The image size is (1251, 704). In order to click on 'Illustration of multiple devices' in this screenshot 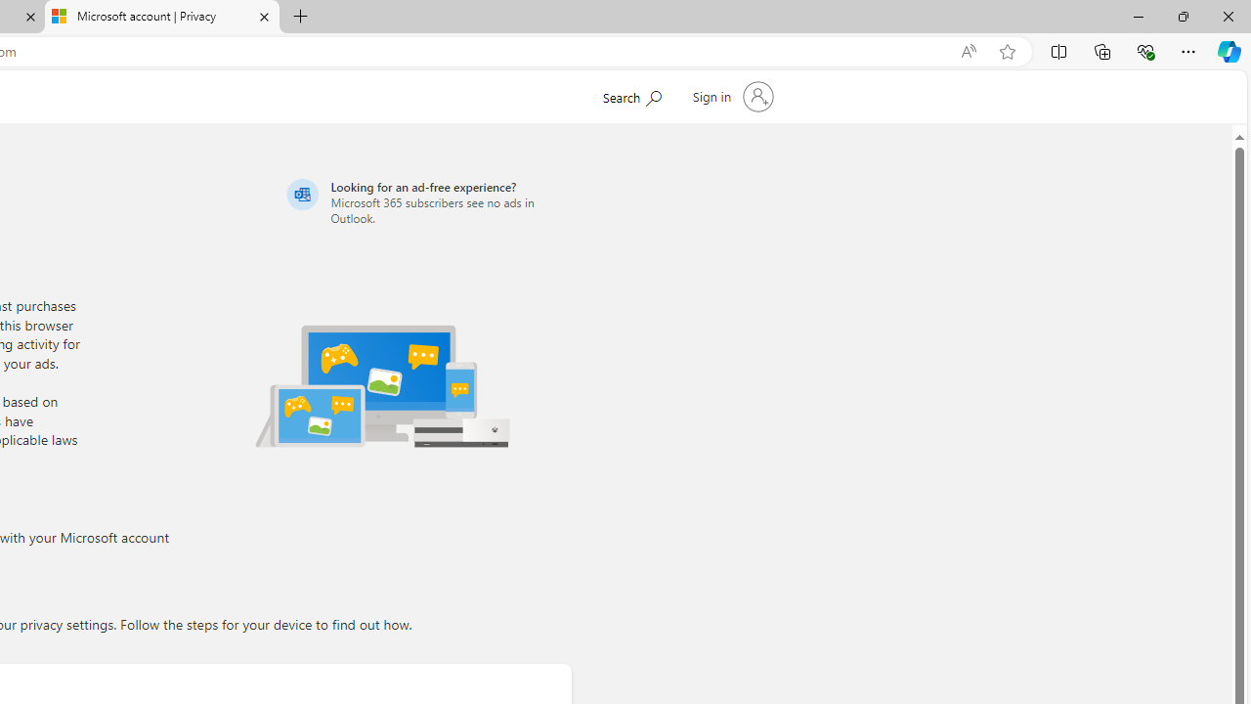, I will do `click(382, 385)`.